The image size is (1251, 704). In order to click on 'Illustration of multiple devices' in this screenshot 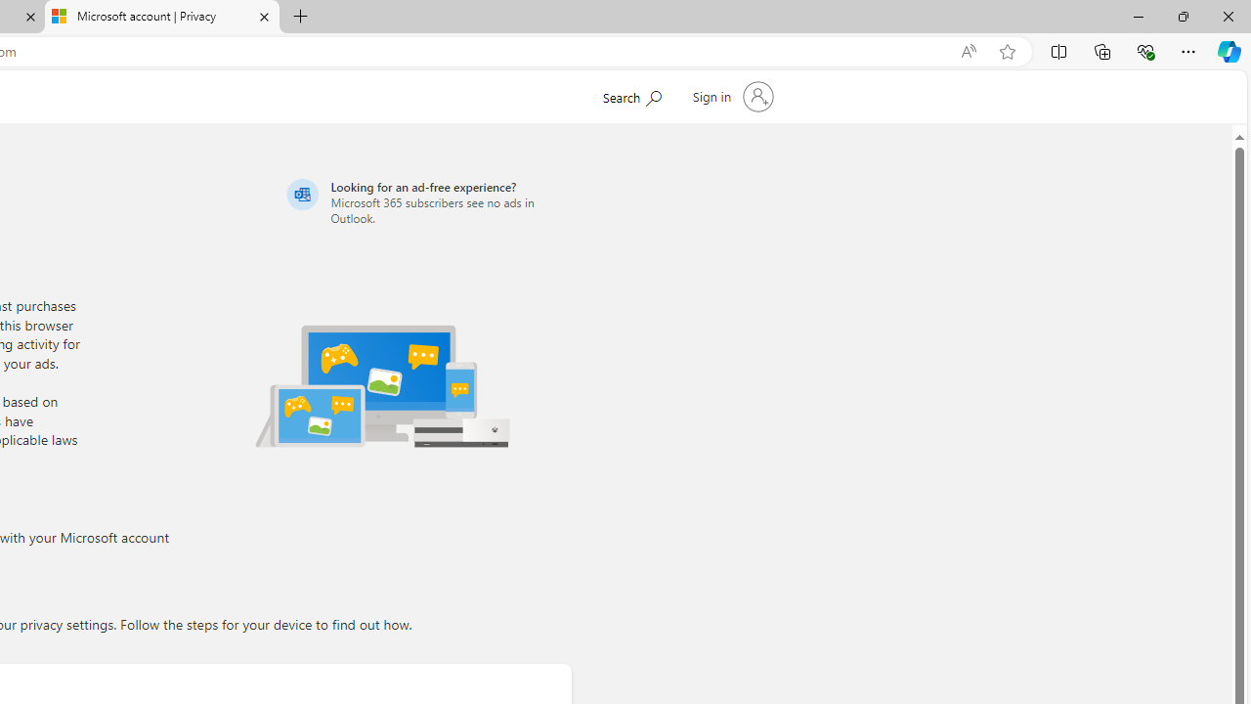, I will do `click(382, 385)`.